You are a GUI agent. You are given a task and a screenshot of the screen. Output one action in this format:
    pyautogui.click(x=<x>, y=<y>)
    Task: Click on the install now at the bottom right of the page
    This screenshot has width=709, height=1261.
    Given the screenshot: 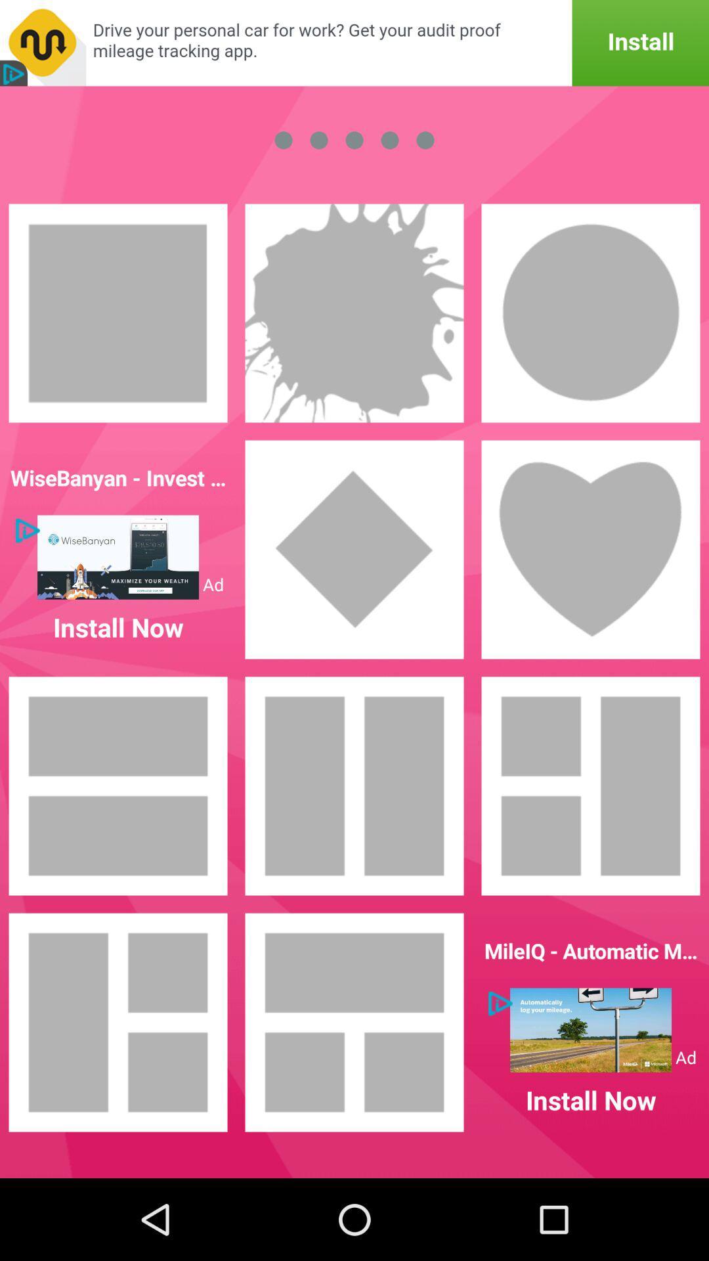 What is the action you would take?
    pyautogui.click(x=591, y=1022)
    